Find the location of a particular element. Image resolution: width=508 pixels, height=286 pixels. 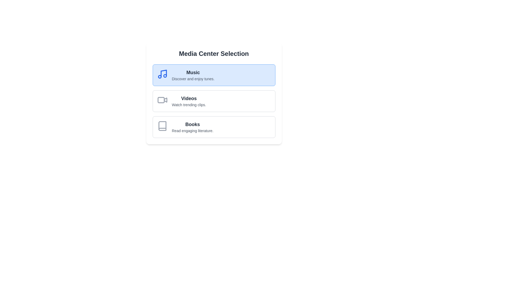

the 'Videos' section title text label, which is the first element among its siblings in the Media Center Selection interface is located at coordinates (189, 98).